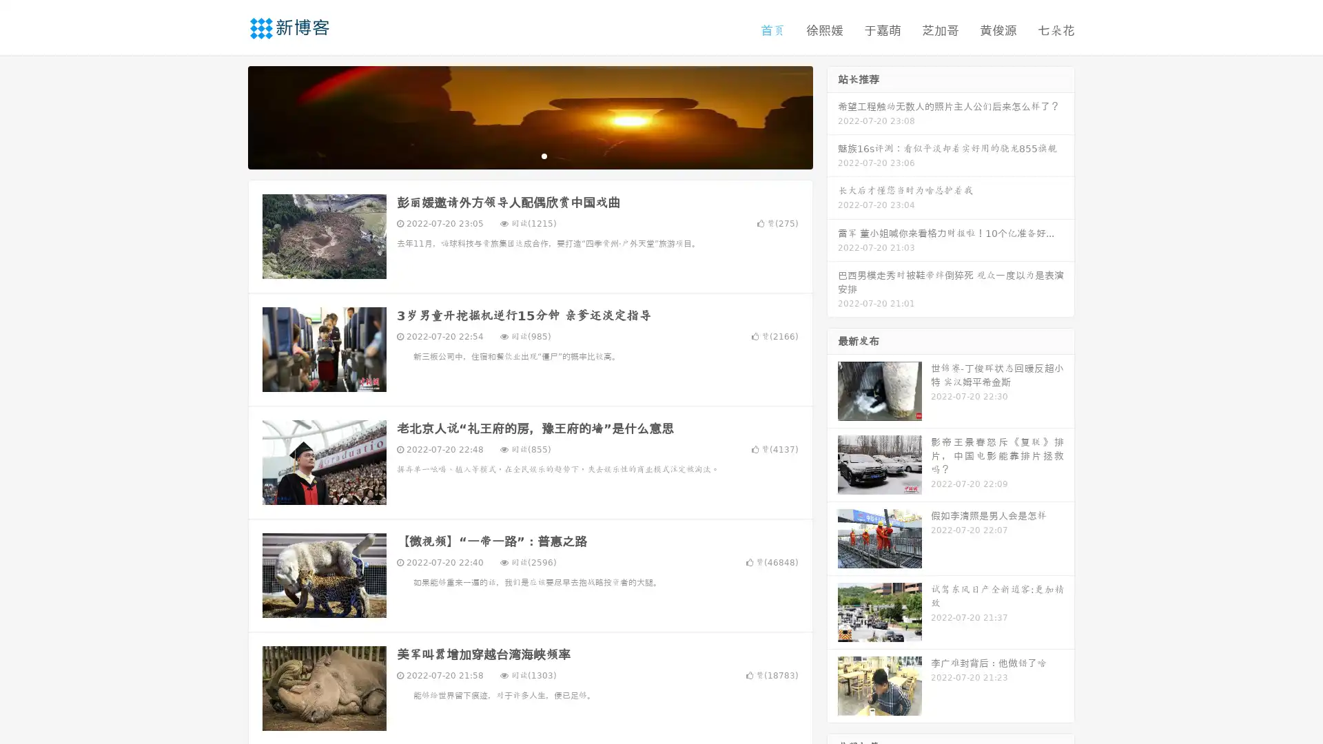 The image size is (1323, 744). I want to click on Go to slide 2, so click(529, 155).